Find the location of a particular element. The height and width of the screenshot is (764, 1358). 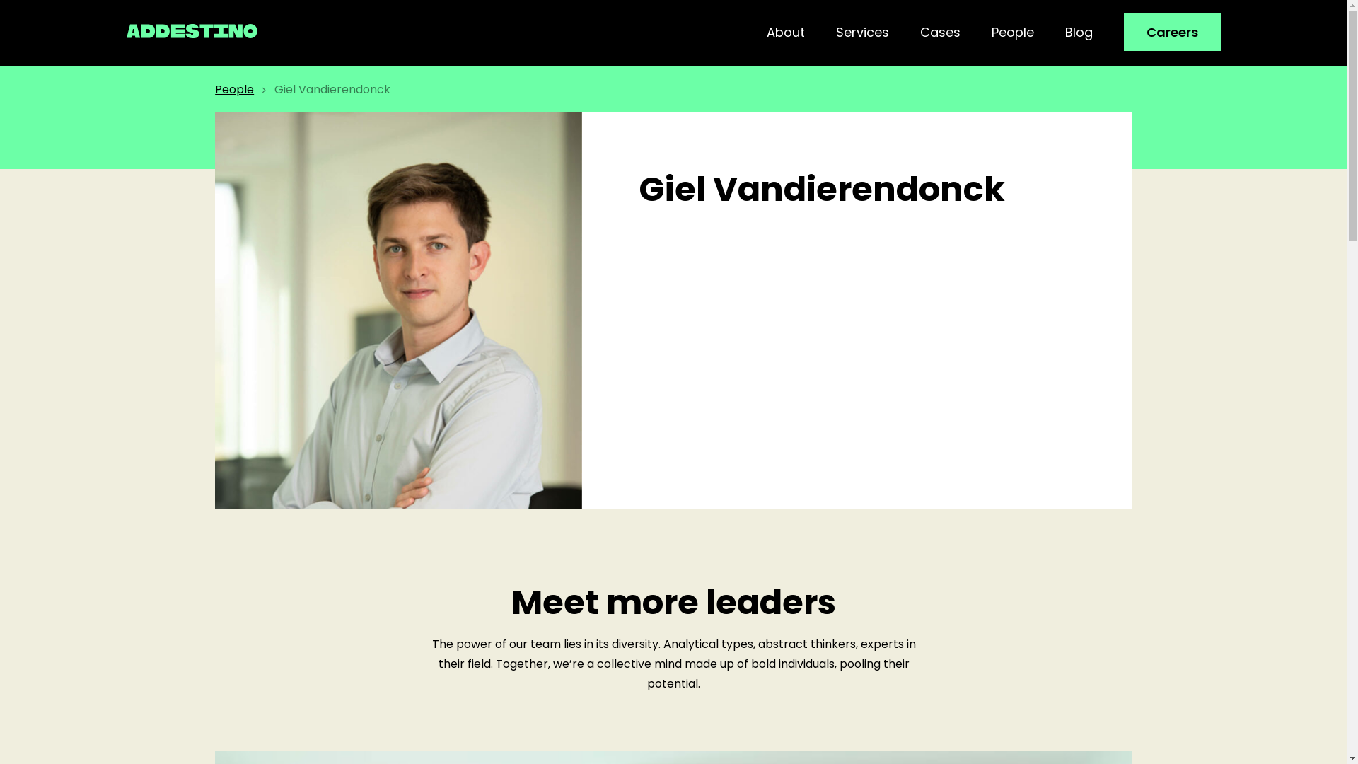

'People' is located at coordinates (990, 32).